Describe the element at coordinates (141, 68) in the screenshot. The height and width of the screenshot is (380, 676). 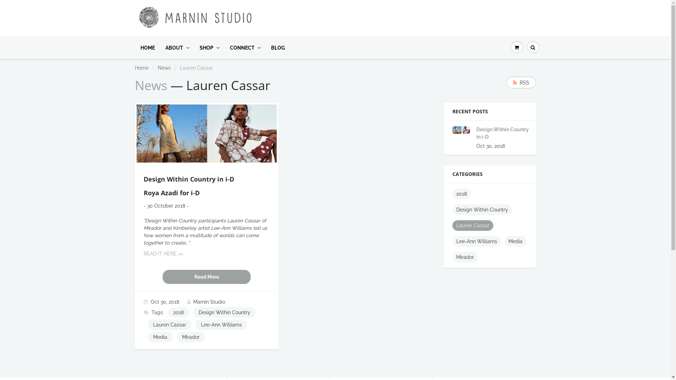
I see `'Home'` at that location.